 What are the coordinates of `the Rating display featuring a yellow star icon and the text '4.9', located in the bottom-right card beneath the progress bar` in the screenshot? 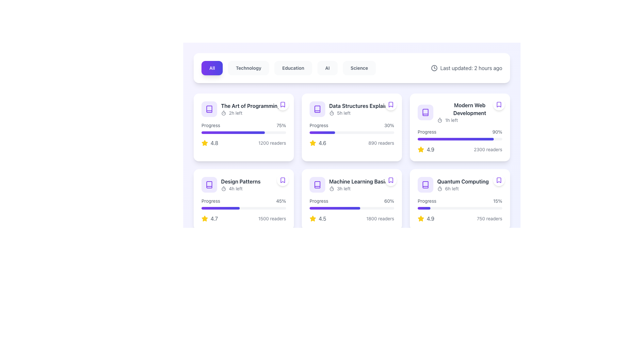 It's located at (426, 219).